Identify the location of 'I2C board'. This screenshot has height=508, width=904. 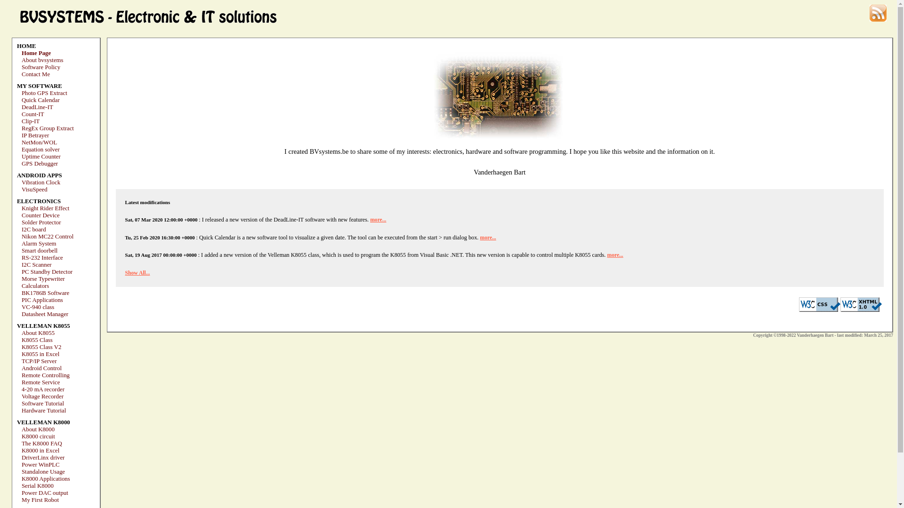
(34, 230).